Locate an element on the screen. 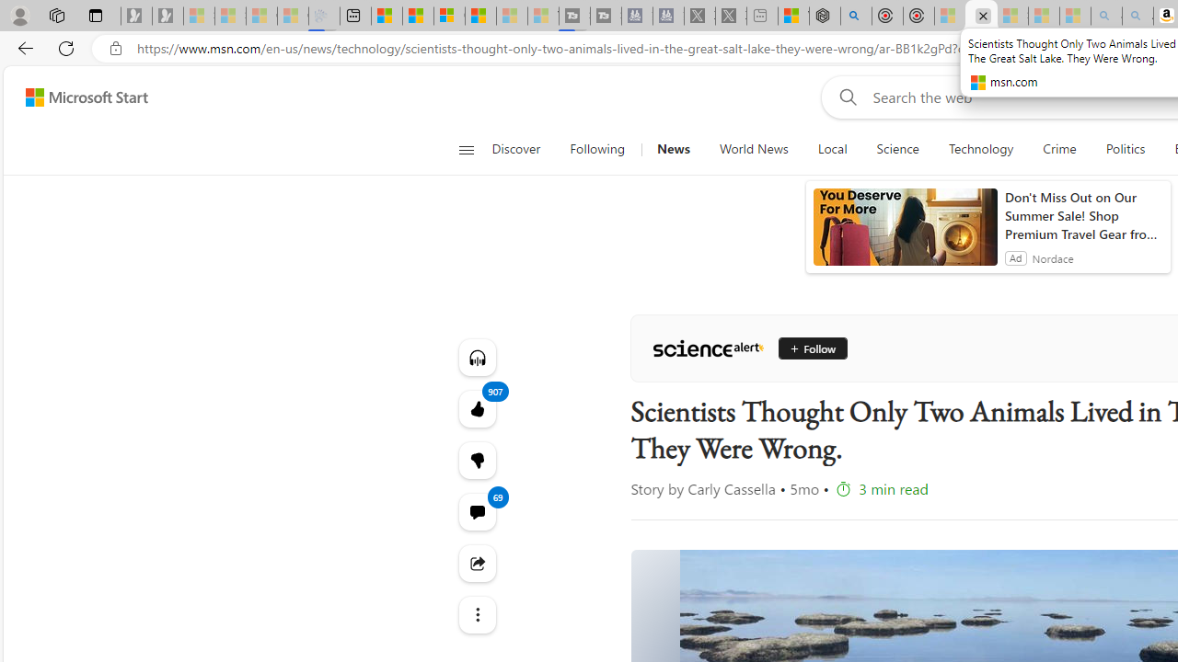 Image resolution: width=1178 pixels, height=662 pixels. 'Technology' is located at coordinates (979, 149).